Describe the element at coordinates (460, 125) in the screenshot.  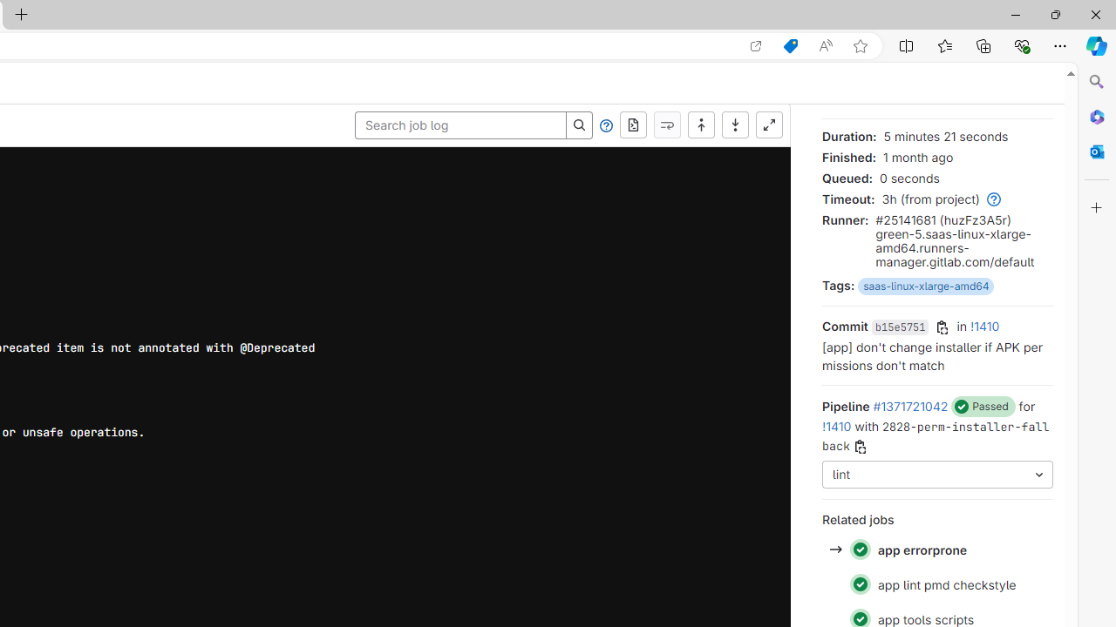
I see `'Search job log'` at that location.